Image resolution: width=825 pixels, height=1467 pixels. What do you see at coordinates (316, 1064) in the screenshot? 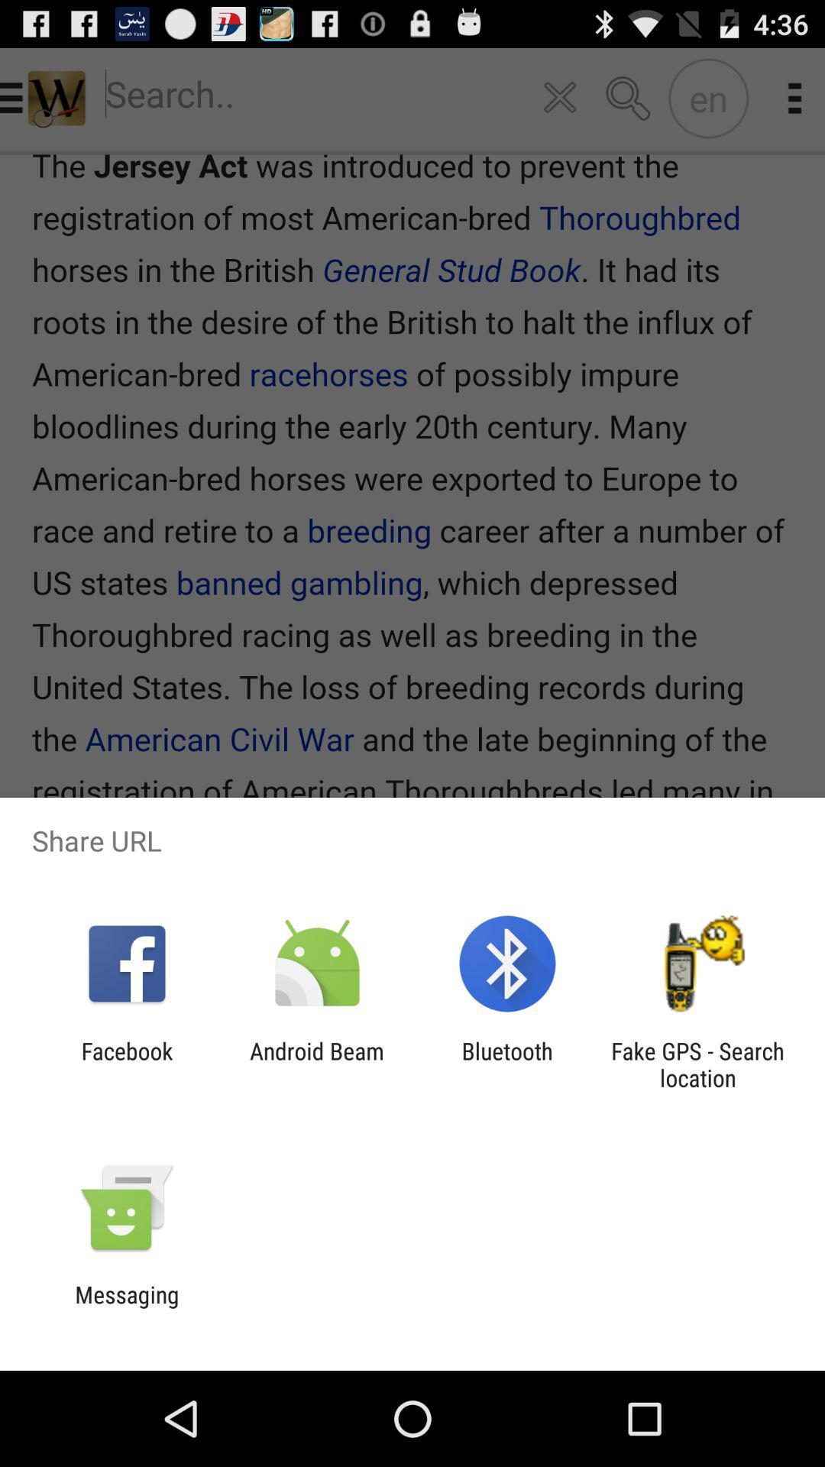
I see `item to the right of the facebook app` at bounding box center [316, 1064].